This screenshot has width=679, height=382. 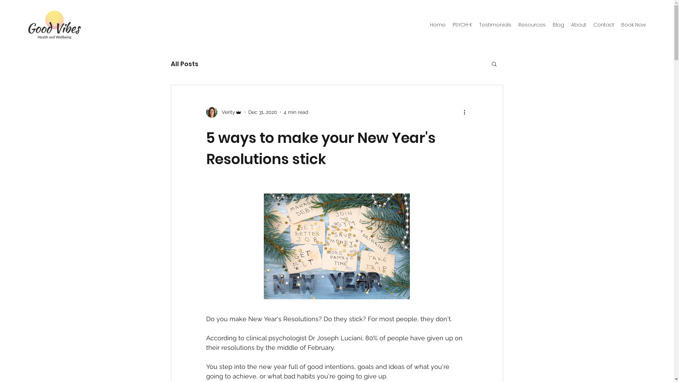 What do you see at coordinates (223, 111) in the screenshot?
I see `'Verity'` at bounding box center [223, 111].